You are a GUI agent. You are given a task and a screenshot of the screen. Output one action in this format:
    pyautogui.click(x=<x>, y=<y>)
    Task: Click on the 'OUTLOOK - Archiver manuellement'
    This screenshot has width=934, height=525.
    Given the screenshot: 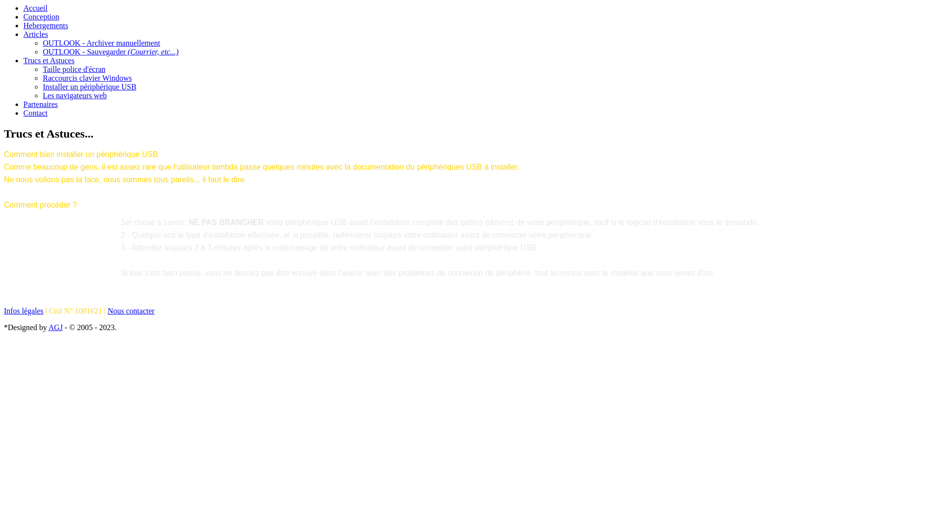 What is the action you would take?
    pyautogui.click(x=101, y=42)
    